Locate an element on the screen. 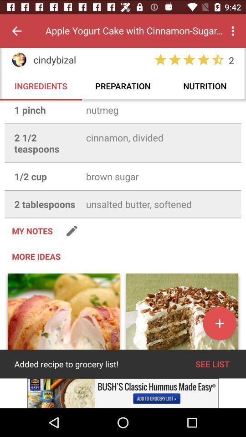 The width and height of the screenshot is (246, 437). menu button is located at coordinates (234, 31).